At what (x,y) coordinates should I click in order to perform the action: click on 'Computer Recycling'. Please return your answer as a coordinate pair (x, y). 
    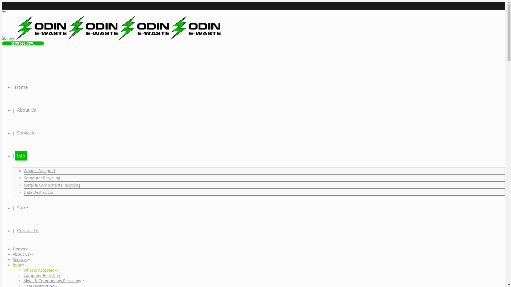
    Looking at the image, I should click on (23, 178).